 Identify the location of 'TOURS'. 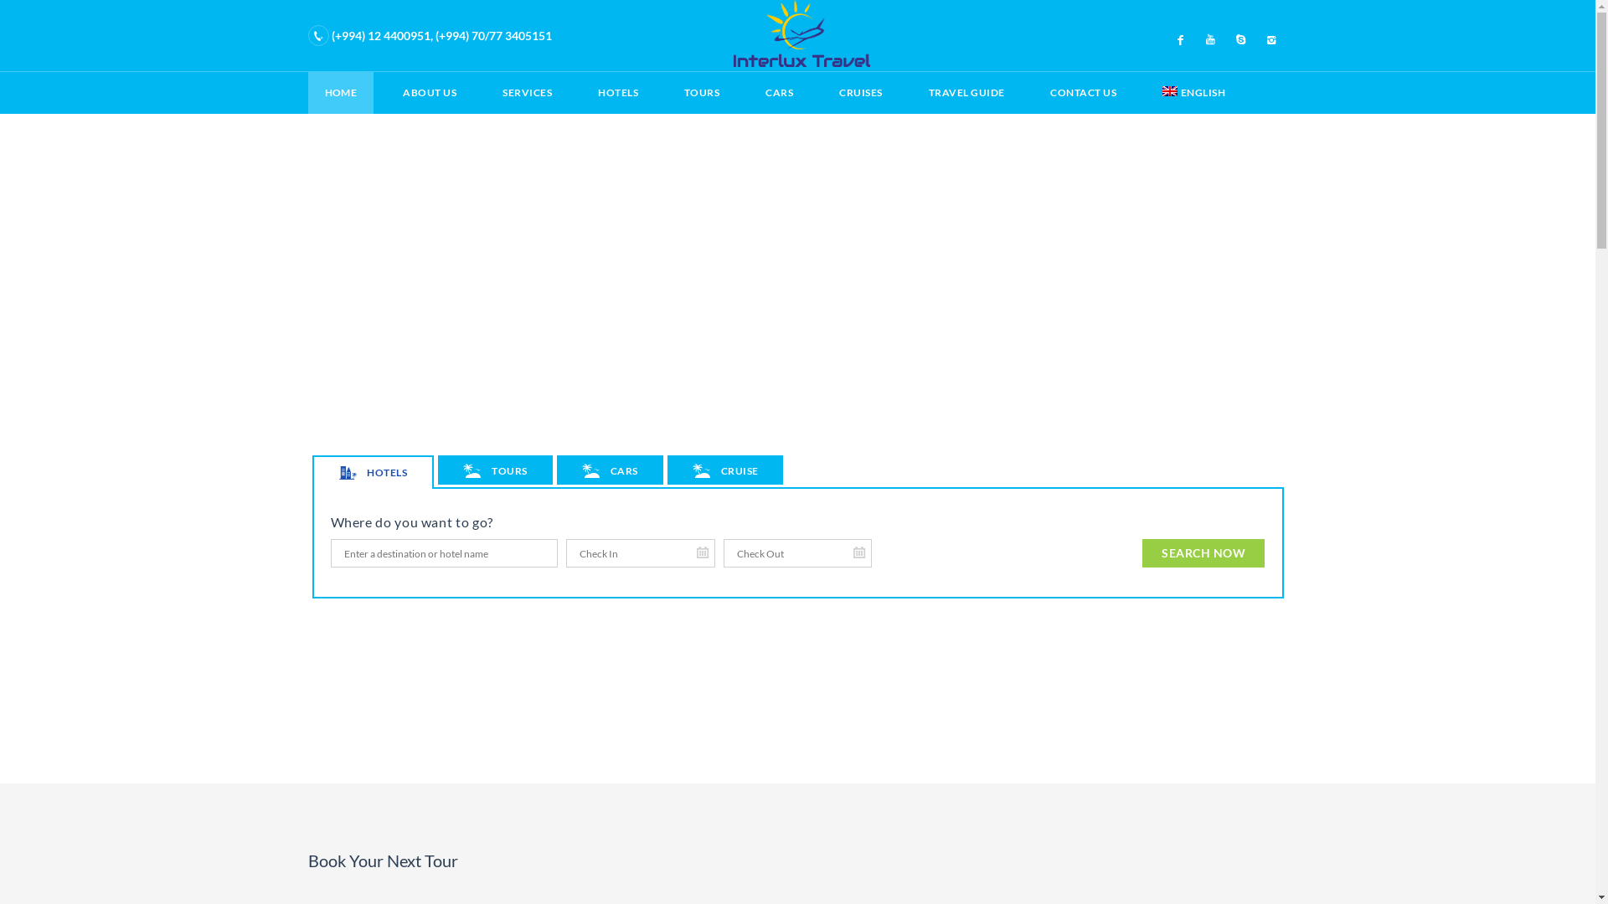
(493, 470).